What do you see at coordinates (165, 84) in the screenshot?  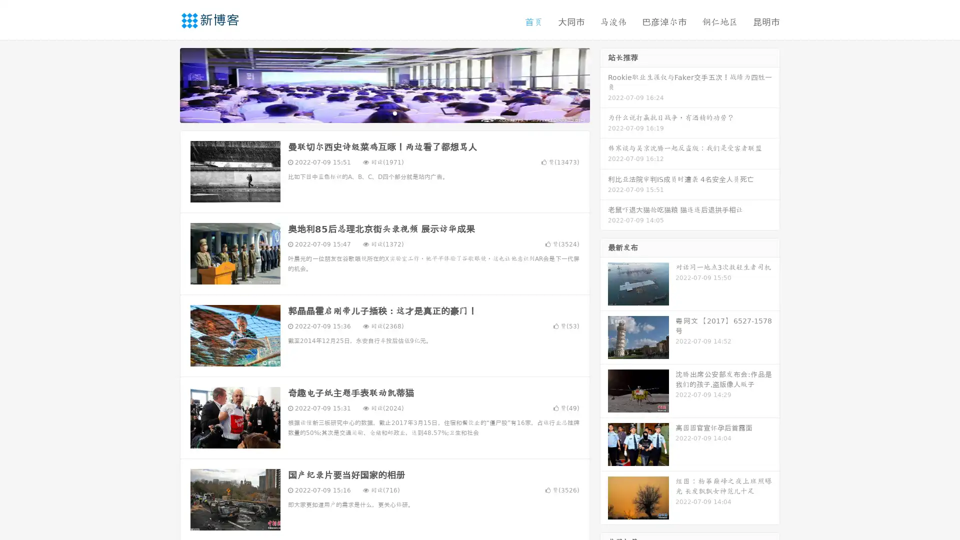 I see `Previous slide` at bounding box center [165, 84].